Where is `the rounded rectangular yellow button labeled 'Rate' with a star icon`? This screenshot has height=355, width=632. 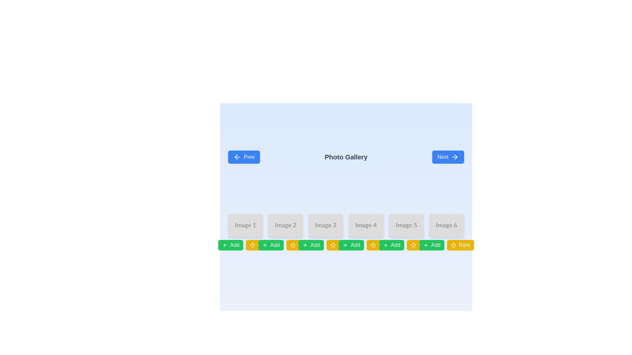
the rounded rectangular yellow button labeled 'Rate' with a star icon is located at coordinates (340, 245).